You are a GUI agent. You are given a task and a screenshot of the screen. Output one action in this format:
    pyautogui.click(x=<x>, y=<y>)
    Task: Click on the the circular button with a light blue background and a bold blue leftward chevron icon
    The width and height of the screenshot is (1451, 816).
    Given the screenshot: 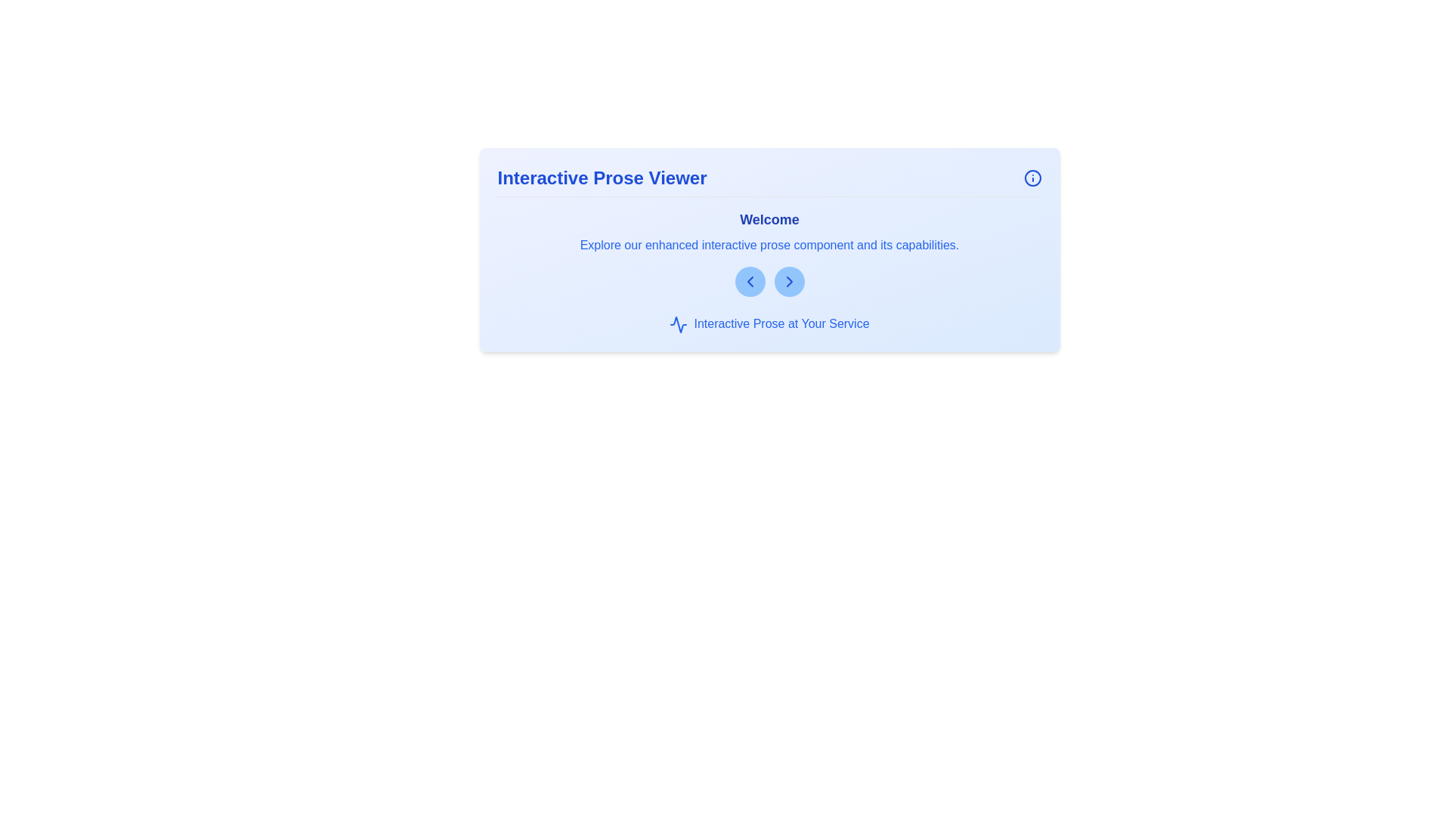 What is the action you would take?
    pyautogui.click(x=750, y=282)
    